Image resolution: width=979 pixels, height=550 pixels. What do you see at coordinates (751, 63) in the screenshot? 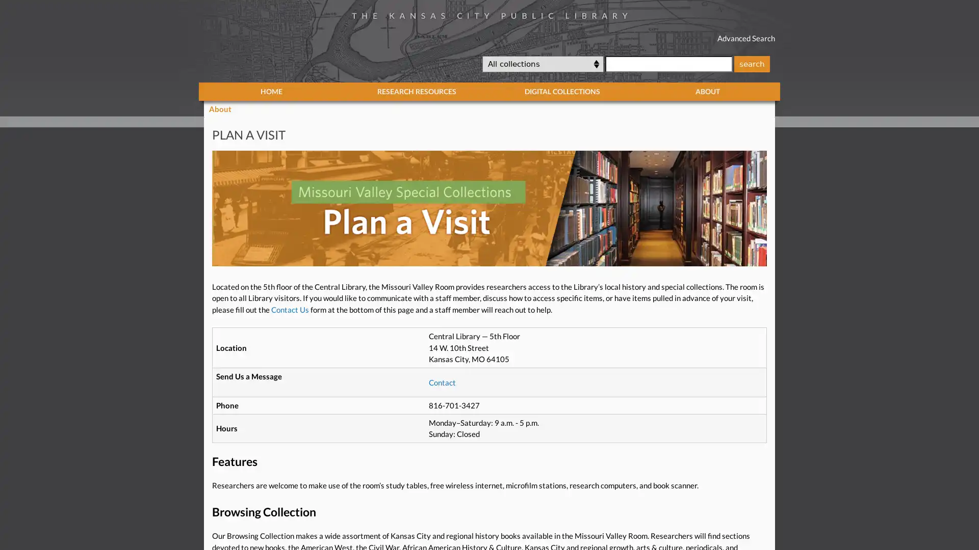
I see `search` at bounding box center [751, 63].